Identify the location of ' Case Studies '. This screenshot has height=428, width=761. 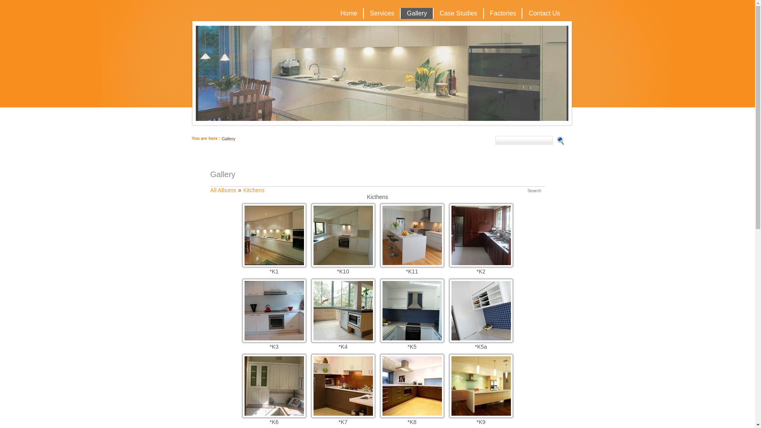
(458, 13).